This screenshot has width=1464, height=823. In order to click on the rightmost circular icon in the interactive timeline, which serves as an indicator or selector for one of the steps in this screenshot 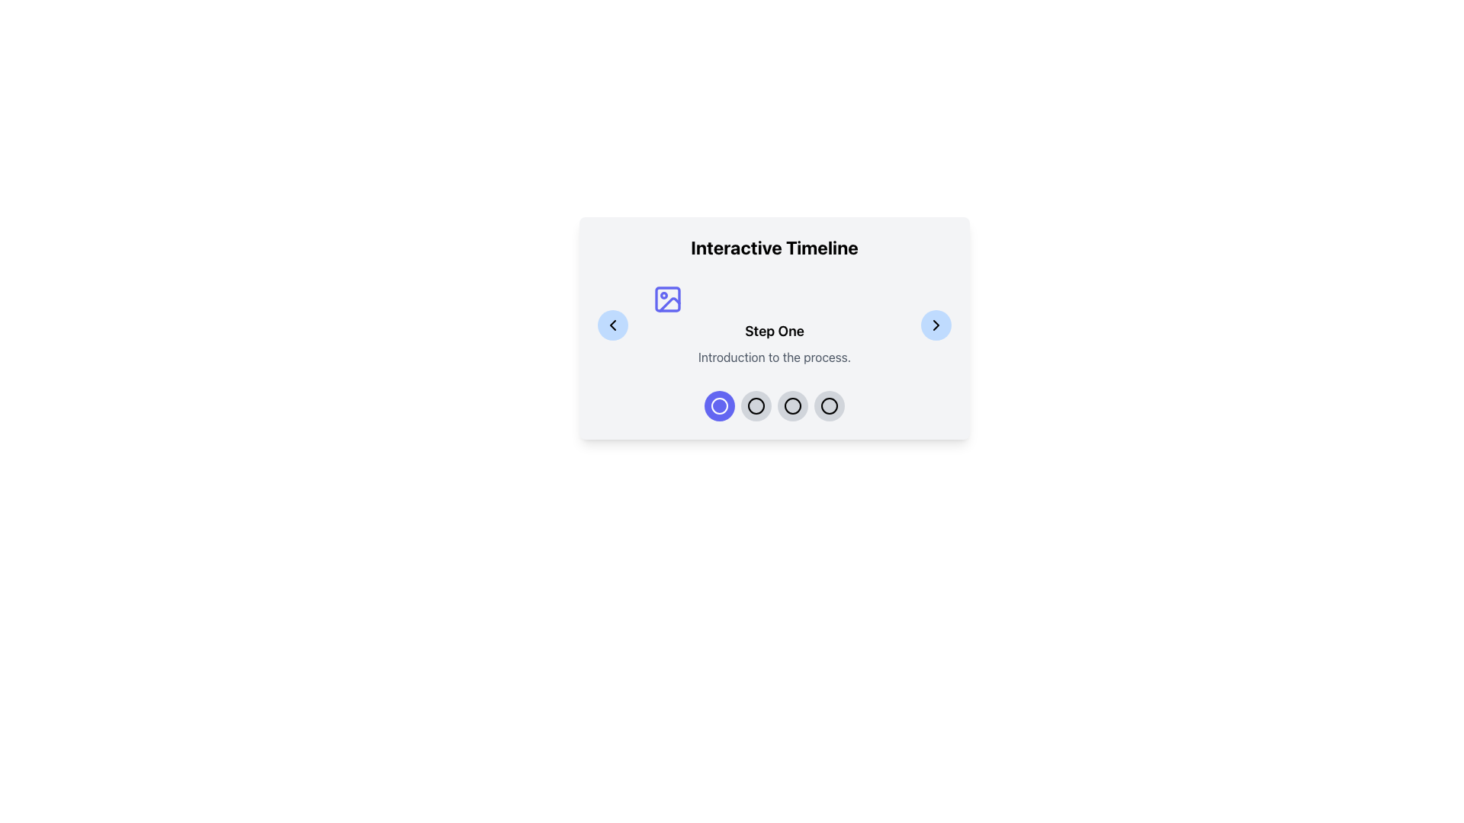, I will do `click(829, 405)`.